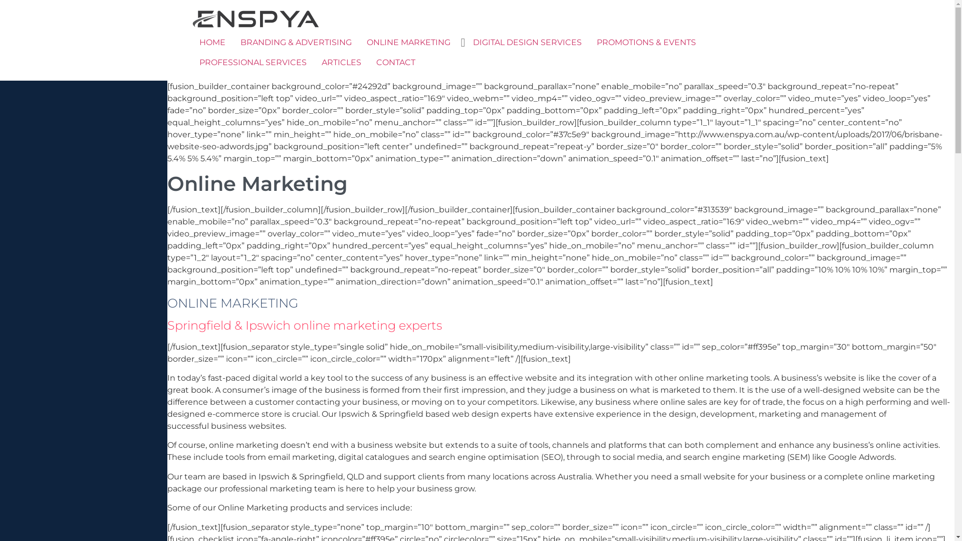 The width and height of the screenshot is (962, 541). What do you see at coordinates (295, 42) in the screenshot?
I see `'BRANDING & ADVERTISING'` at bounding box center [295, 42].